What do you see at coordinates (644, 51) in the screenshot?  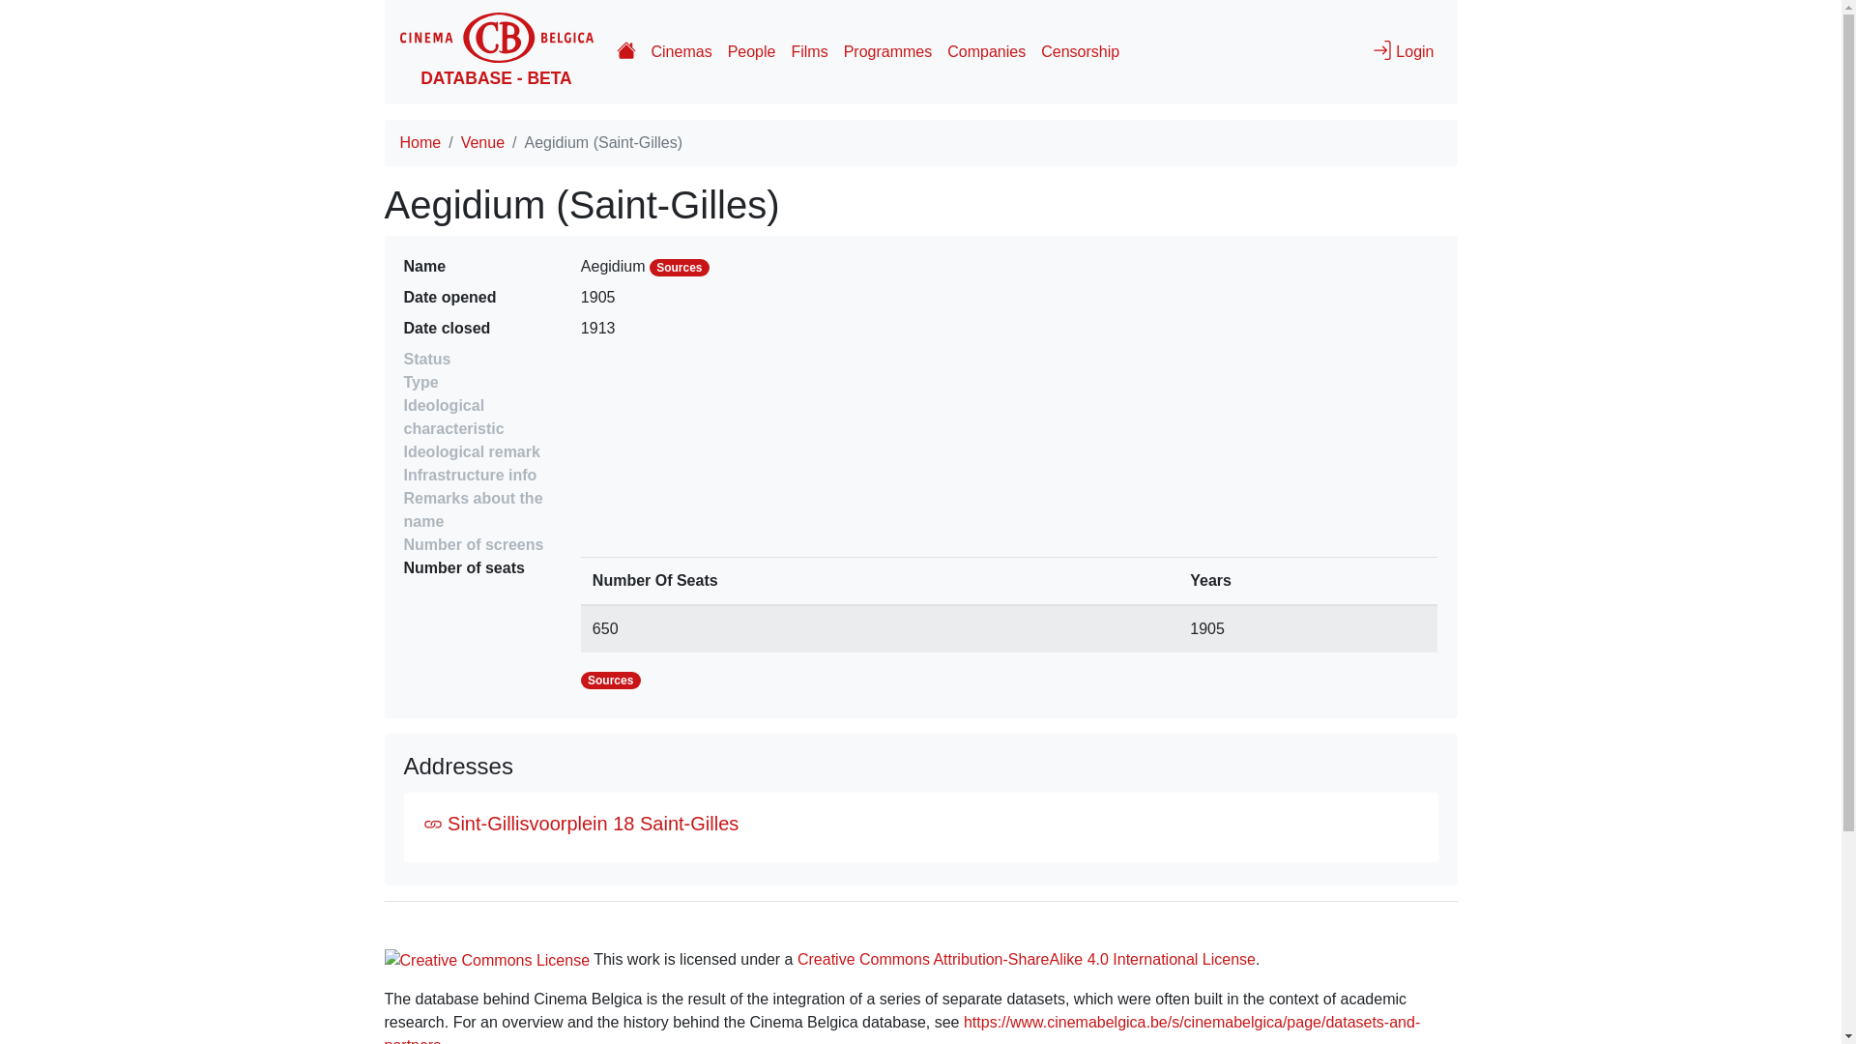 I see `'Cinemas'` at bounding box center [644, 51].